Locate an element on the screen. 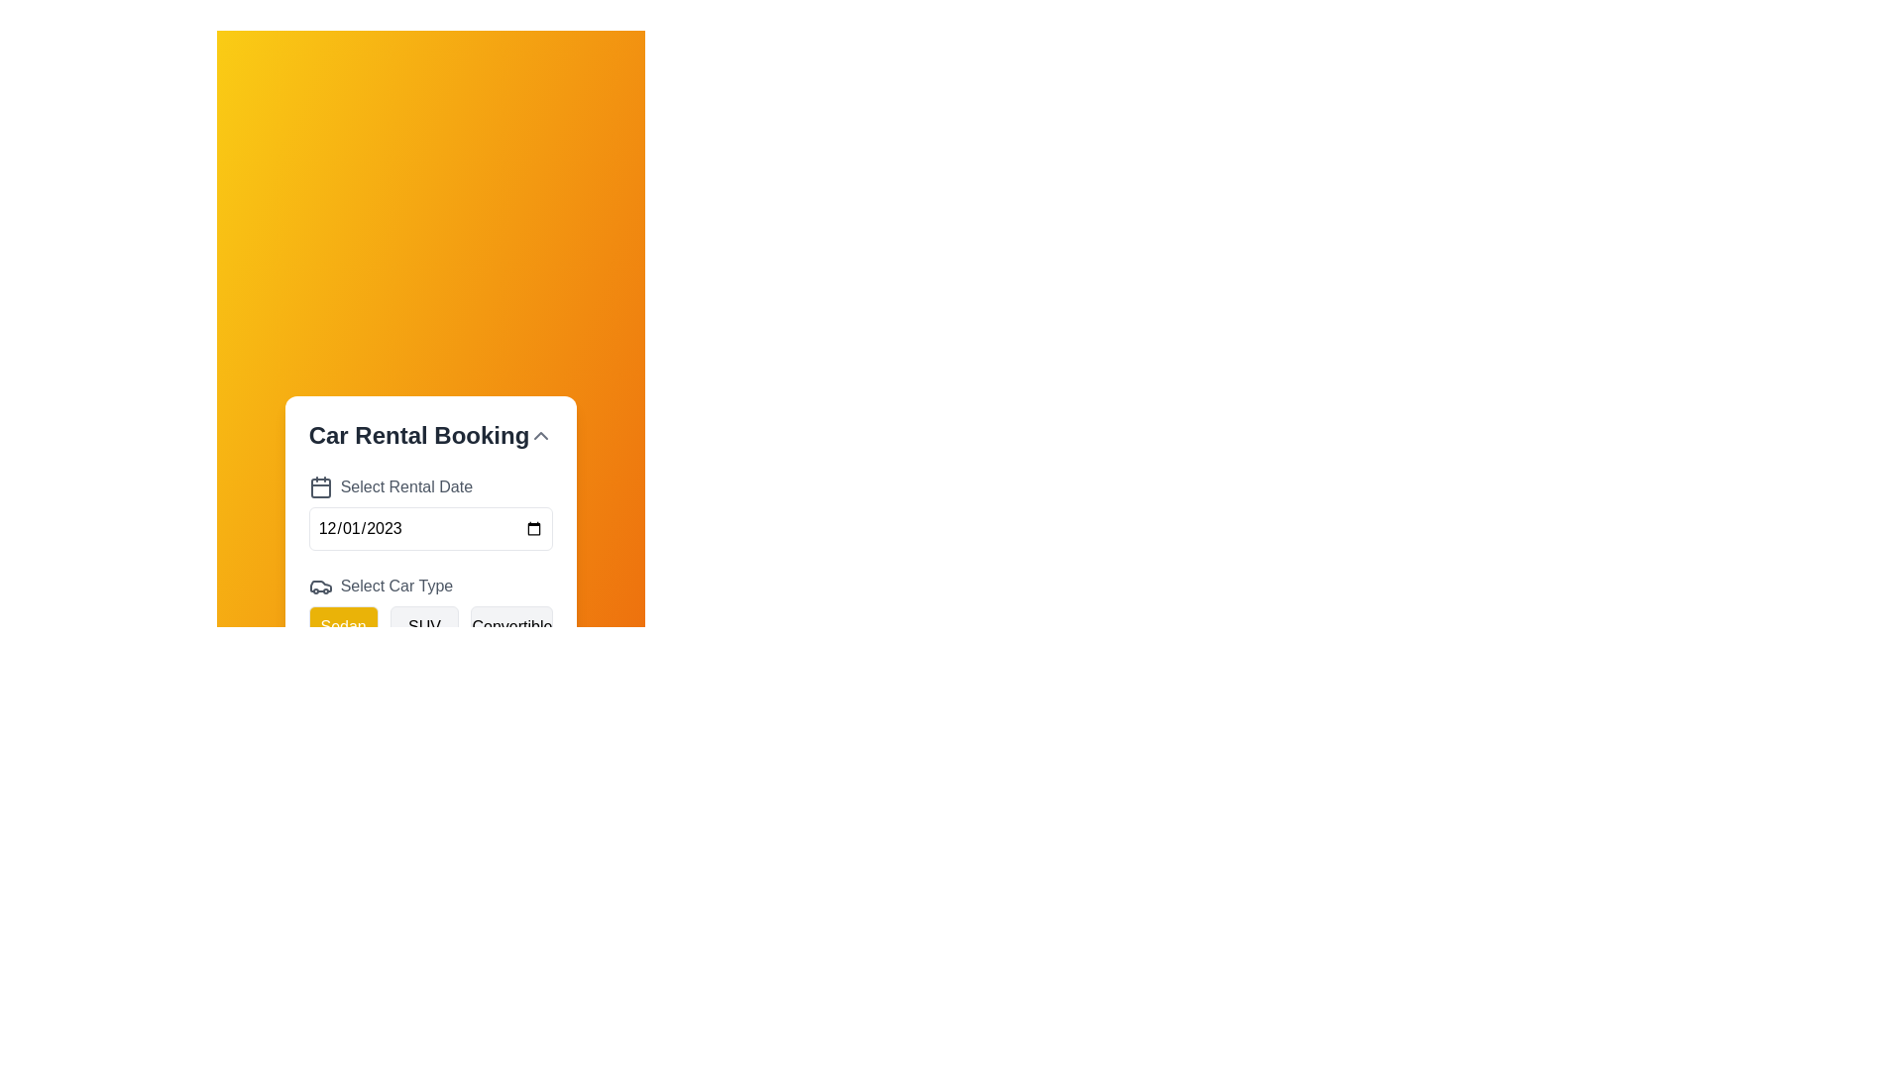 The width and height of the screenshot is (1903, 1070). label indicating the car type selection requirement, located in the 'Car Rental Booking' section, directly below 'Rental Date' and above car type options is located at coordinates (430, 585).